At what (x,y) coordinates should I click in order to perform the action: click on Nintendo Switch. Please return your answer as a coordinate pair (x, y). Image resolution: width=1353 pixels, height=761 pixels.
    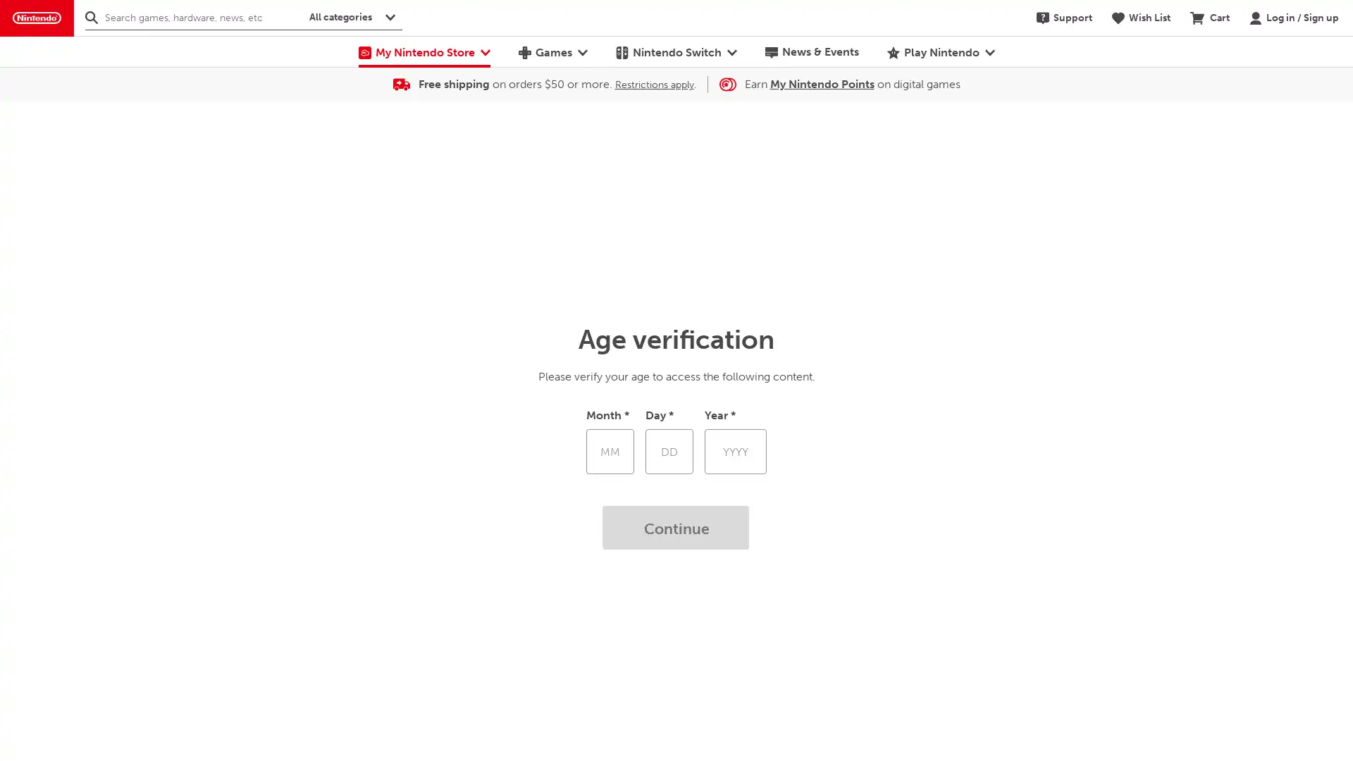
    Looking at the image, I should click on (675, 51).